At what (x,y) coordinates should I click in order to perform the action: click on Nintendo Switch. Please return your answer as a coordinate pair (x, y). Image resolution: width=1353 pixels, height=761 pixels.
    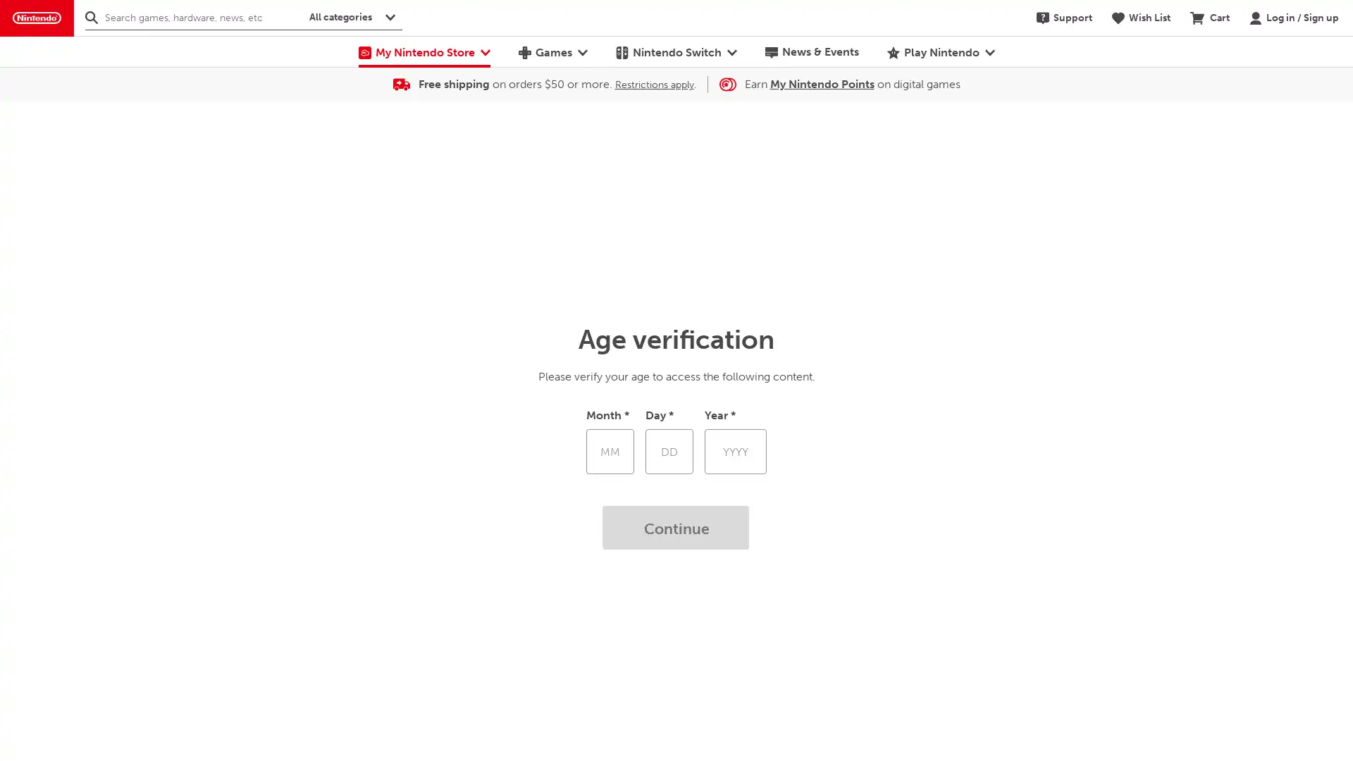
    Looking at the image, I should click on (675, 51).